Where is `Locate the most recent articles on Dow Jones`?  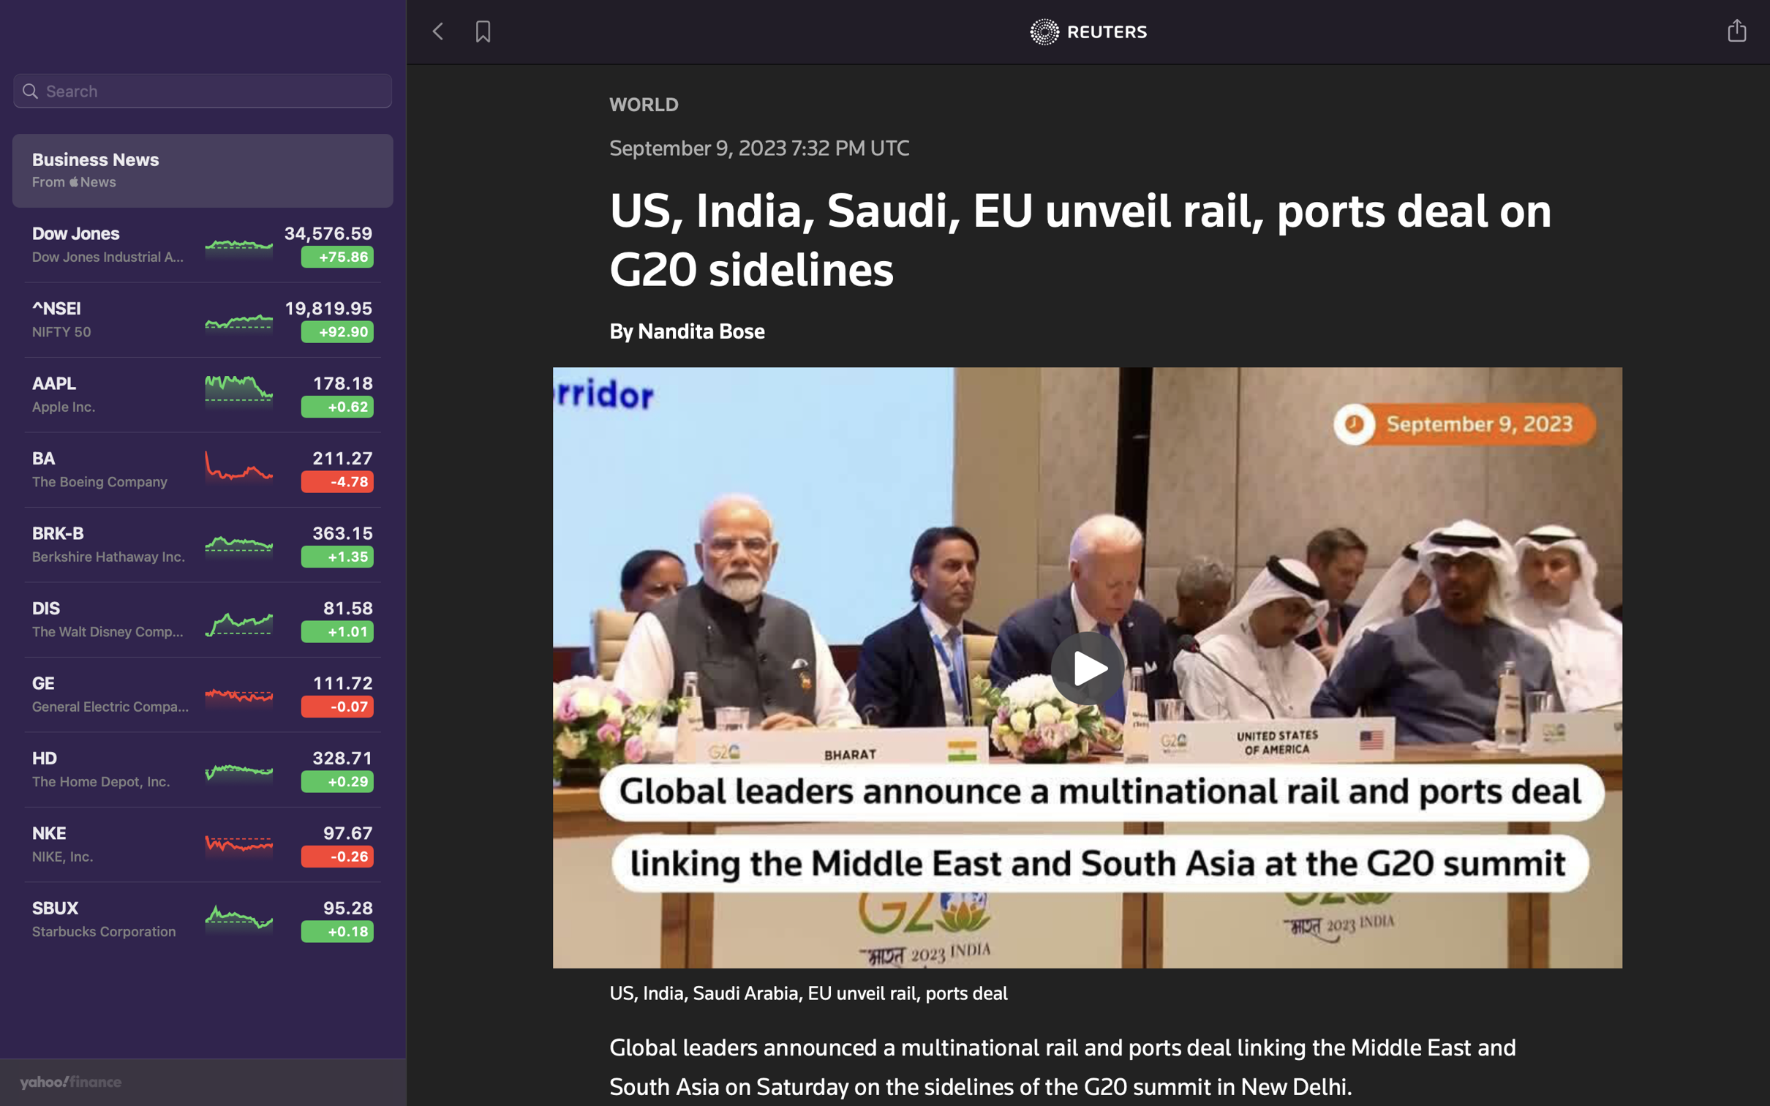
Locate the most recent articles on Dow Jones is located at coordinates (203, 93).